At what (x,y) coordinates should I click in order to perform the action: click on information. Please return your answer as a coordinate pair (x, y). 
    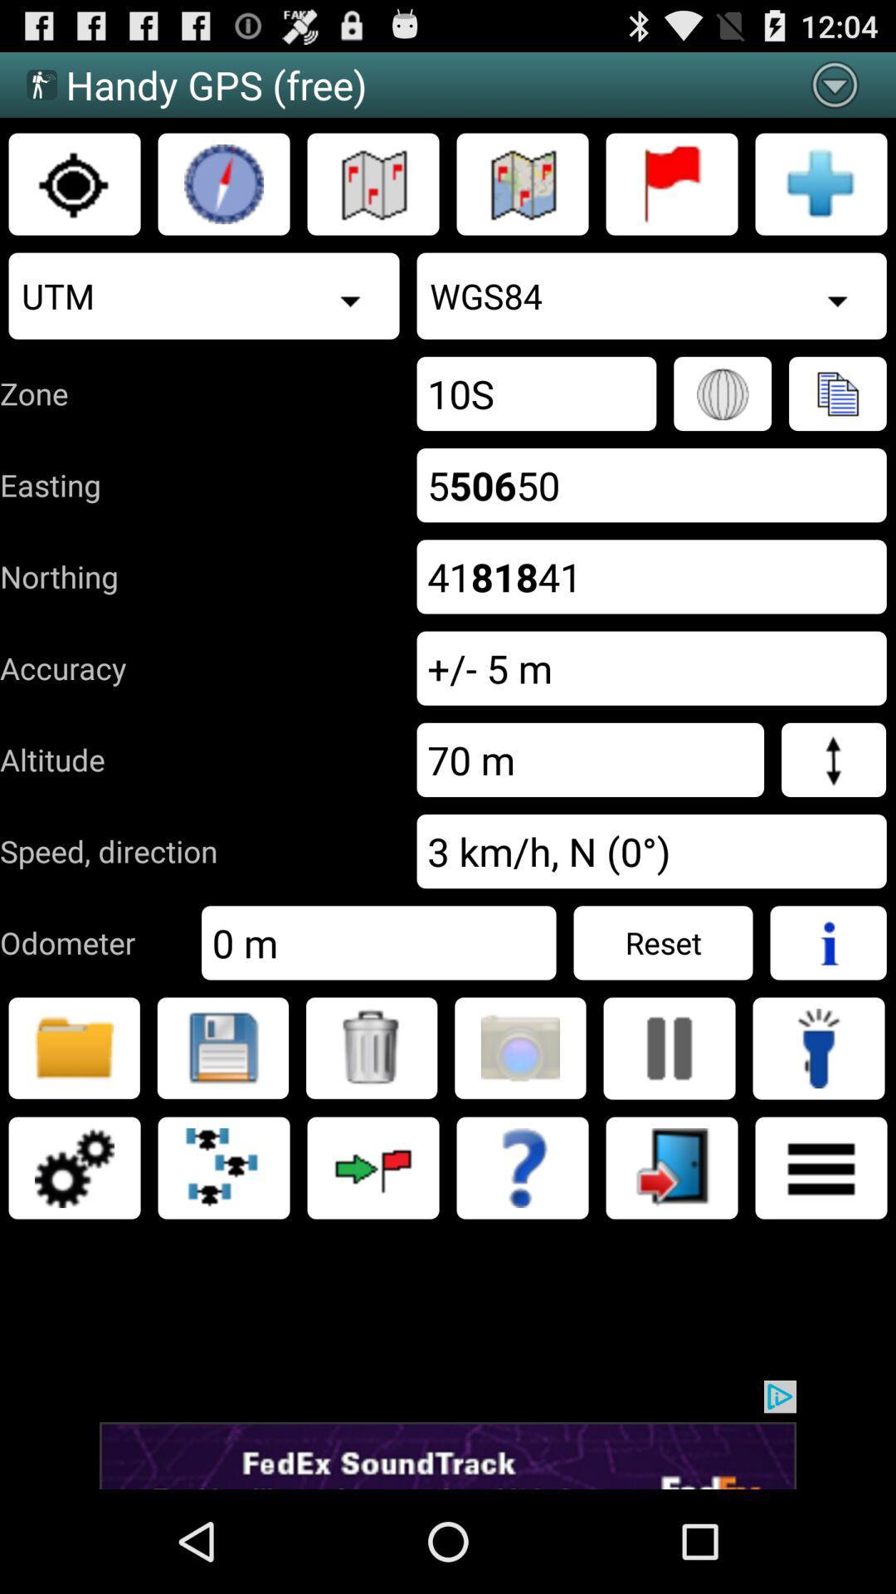
    Looking at the image, I should click on (828, 942).